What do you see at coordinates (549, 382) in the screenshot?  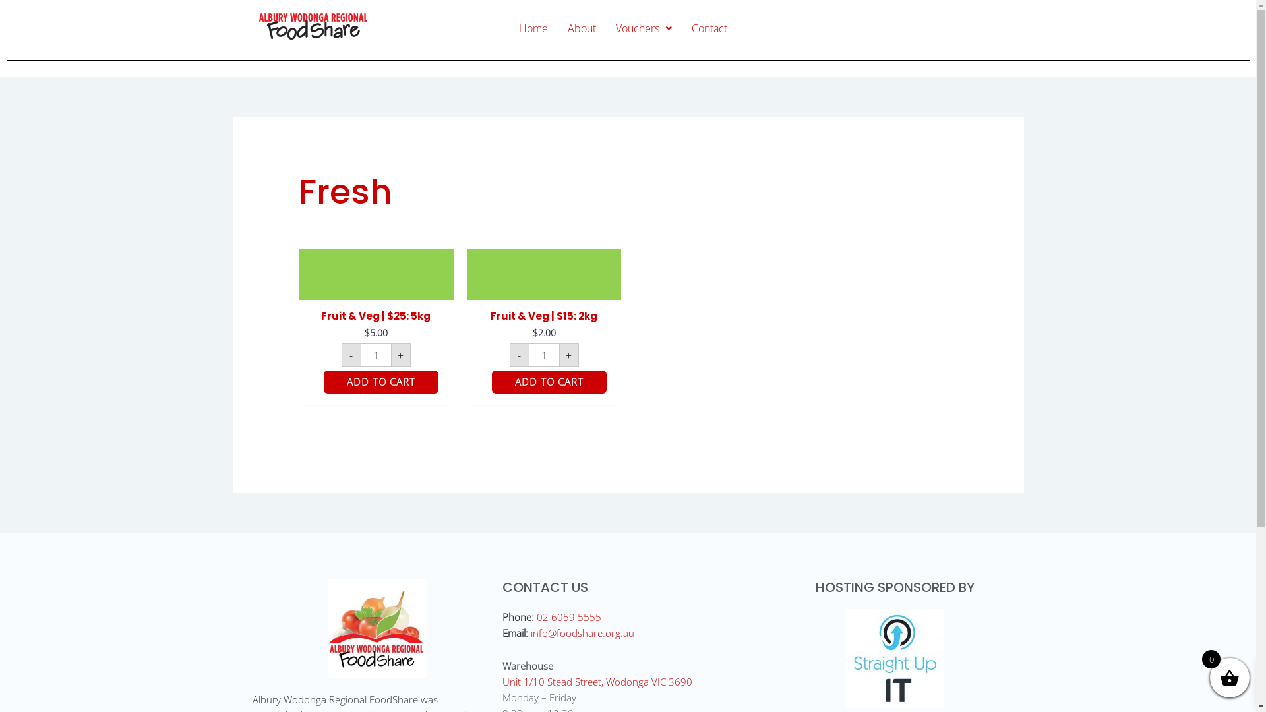 I see `'ADD TO CART'` at bounding box center [549, 382].